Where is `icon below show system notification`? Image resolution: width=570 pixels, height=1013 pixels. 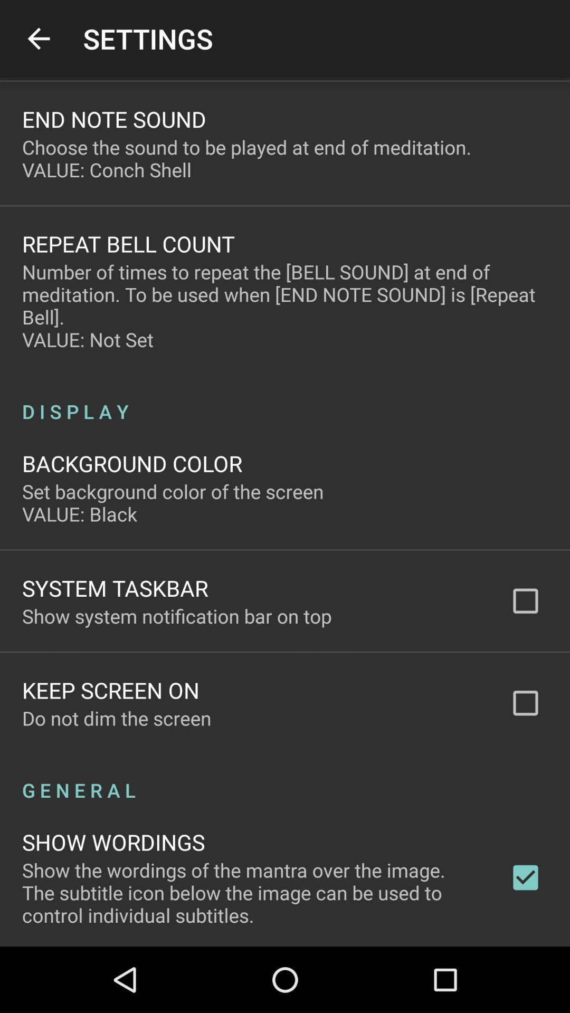
icon below show system notification is located at coordinates (110, 690).